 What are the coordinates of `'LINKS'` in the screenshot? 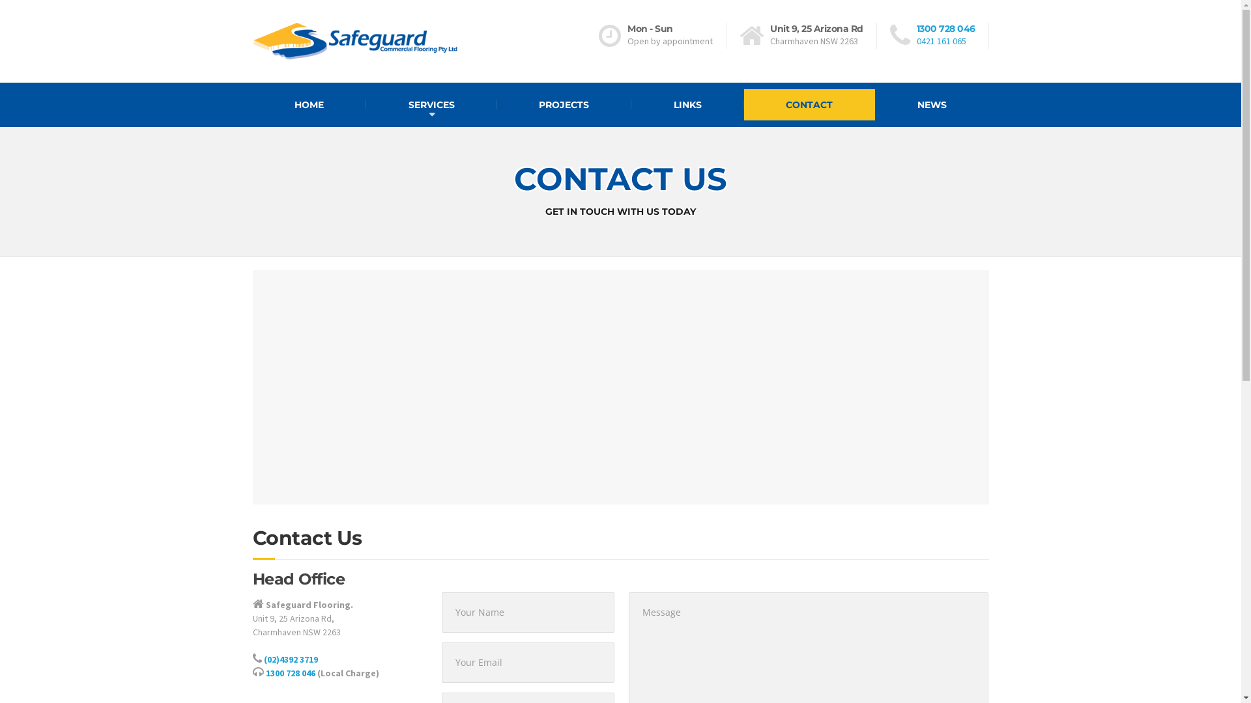 It's located at (631, 104).